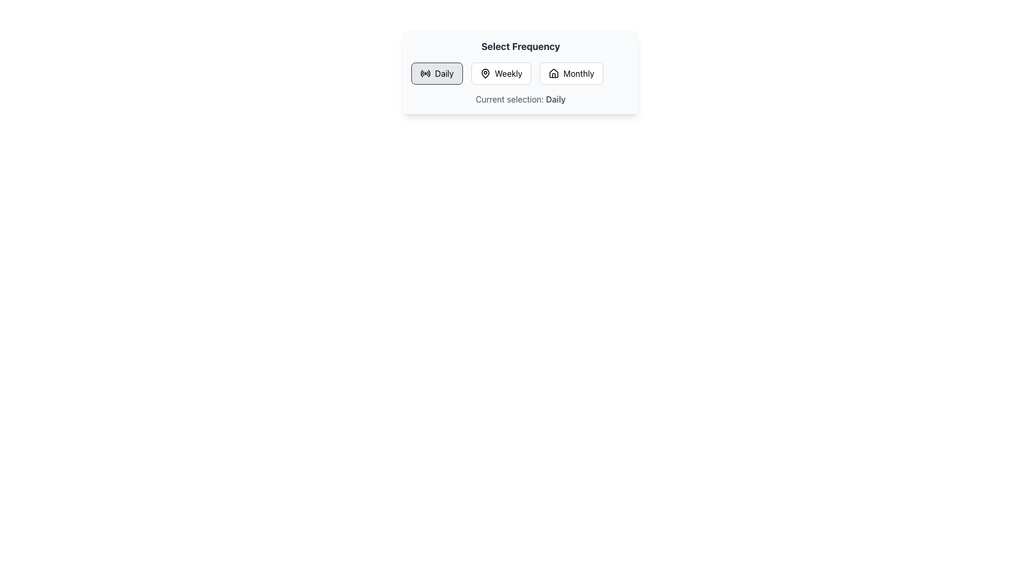 The image size is (1010, 568). What do you see at coordinates (484, 73) in the screenshot?
I see `the pin-shaped icon resembling a location marker, which is part of the 'Weekly' button in the central position of a horizontal button group` at bounding box center [484, 73].